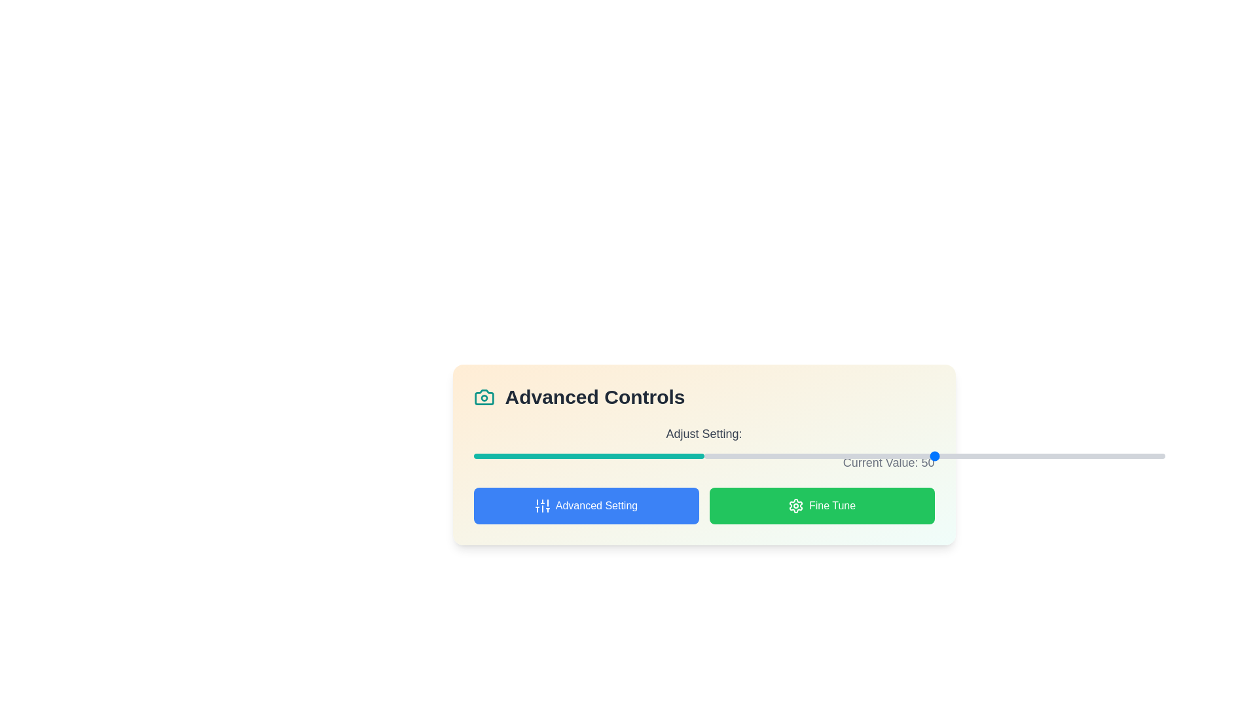  I want to click on the slider, so click(672, 453).